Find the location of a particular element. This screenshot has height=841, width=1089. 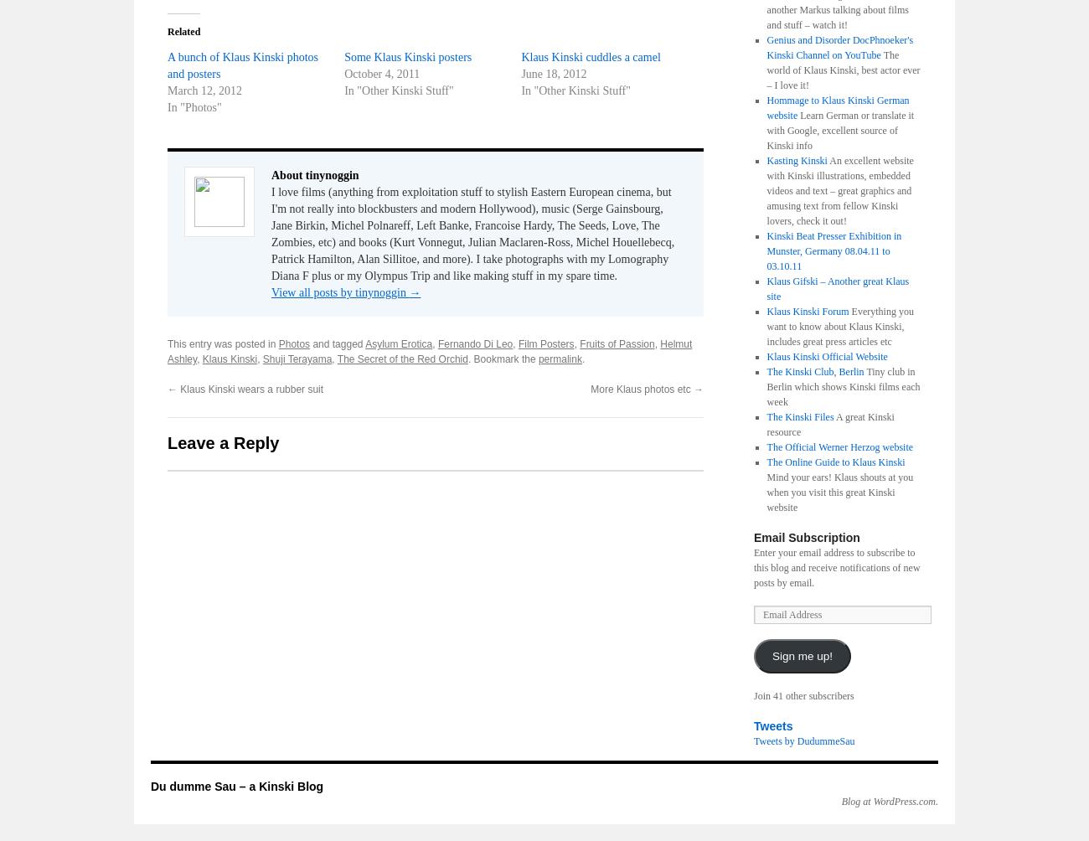

'Tiny club in Berlin which shows Kinski films each week' is located at coordinates (842, 386).